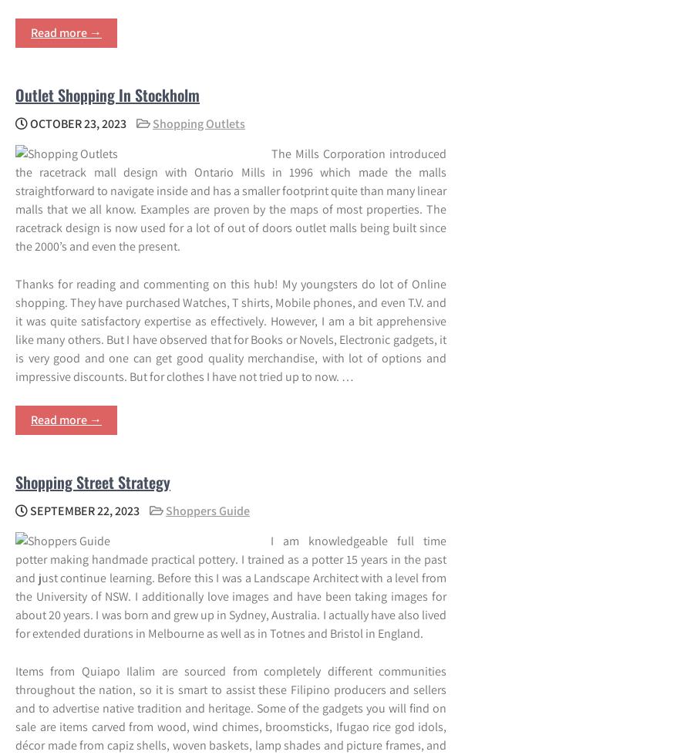 This screenshot has width=694, height=755. What do you see at coordinates (230, 329) in the screenshot?
I see `'Thanks for reading and commenting on this hub! My youngsters do lot of Online shopping. They have purchased Watches, T shirts, Mobile phones, and even T.V. and it was quite satisfactory expertise as effectively. However, I am a bit apprehensive like many others. But I have observed that for Books or Novels, Electronic gadgets, it is very good and one can get good quality merchandise, with lot of options and impressive discounts. But for clothes I have not tried up to now. …'` at bounding box center [230, 329].